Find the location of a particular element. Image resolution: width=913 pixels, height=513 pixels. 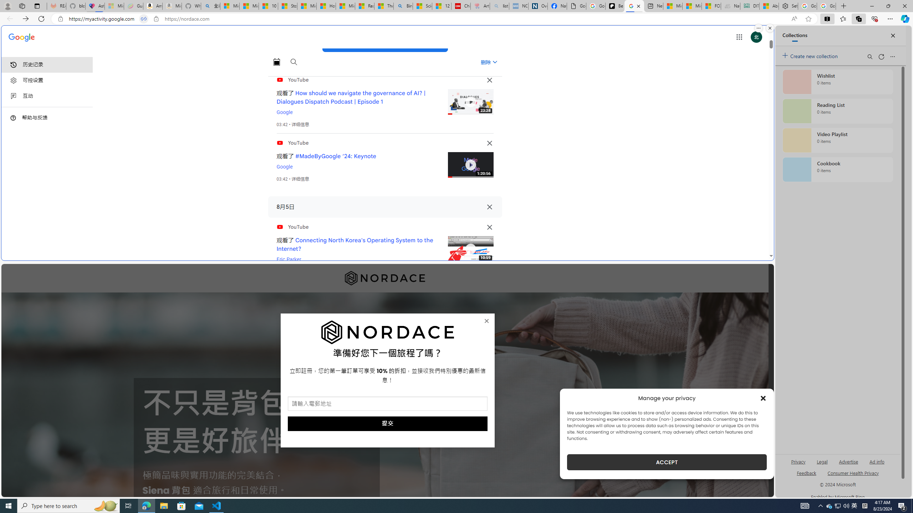

'Class: DI7Mnf NMm5M' is located at coordinates (489, 207).